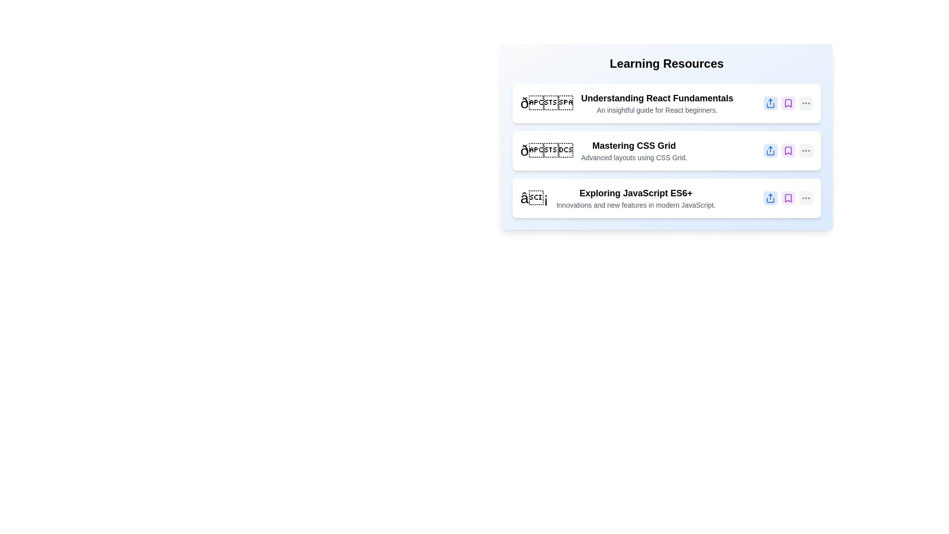 This screenshot has height=534, width=949. What do you see at coordinates (806, 150) in the screenshot?
I see `'More Options' button for the item with title 'Mastering CSS Grid'` at bounding box center [806, 150].